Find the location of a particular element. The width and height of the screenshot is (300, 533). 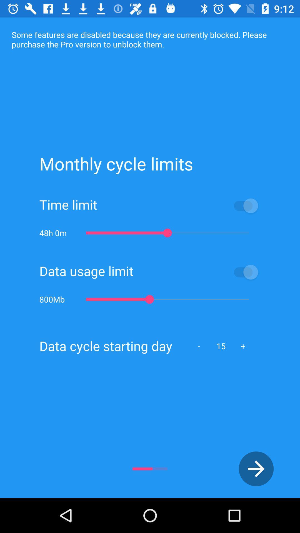

next screen is located at coordinates (256, 469).